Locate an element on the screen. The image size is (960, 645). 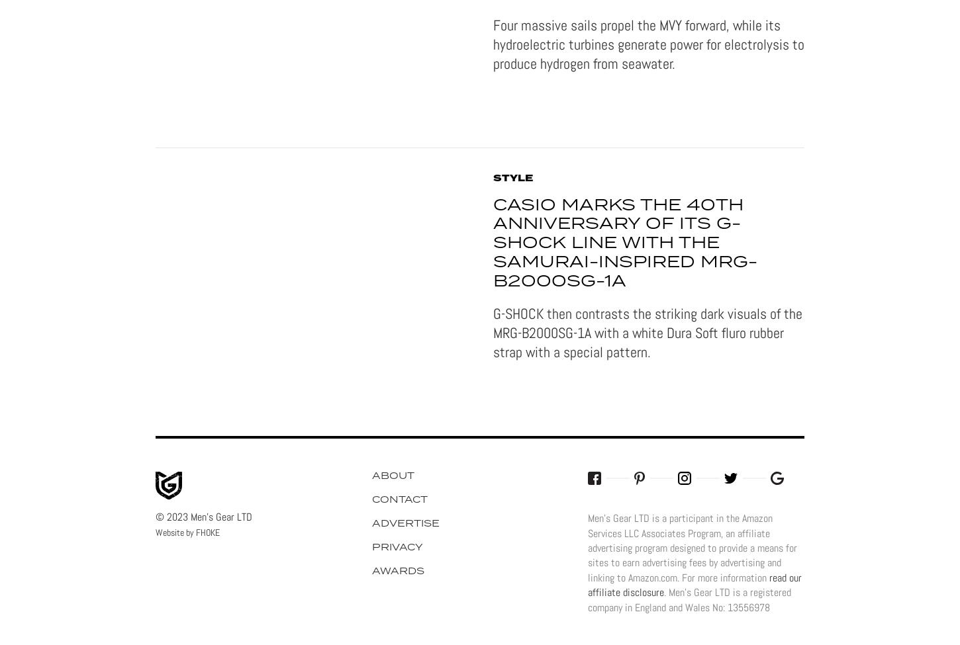
'Four massive sails propel the MVY forward, while its hydroelectric turbines generate power for electrolysis to produce hydrogen from seawater.' is located at coordinates (649, 44).